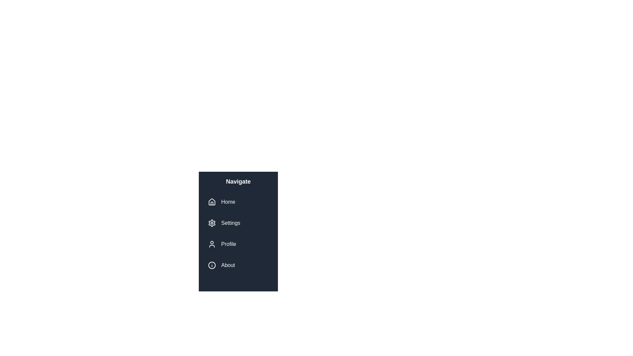  What do you see at coordinates (212, 223) in the screenshot?
I see `the 'Settings' icon located in the navigation panel, which is the second item from the top in the menu` at bounding box center [212, 223].